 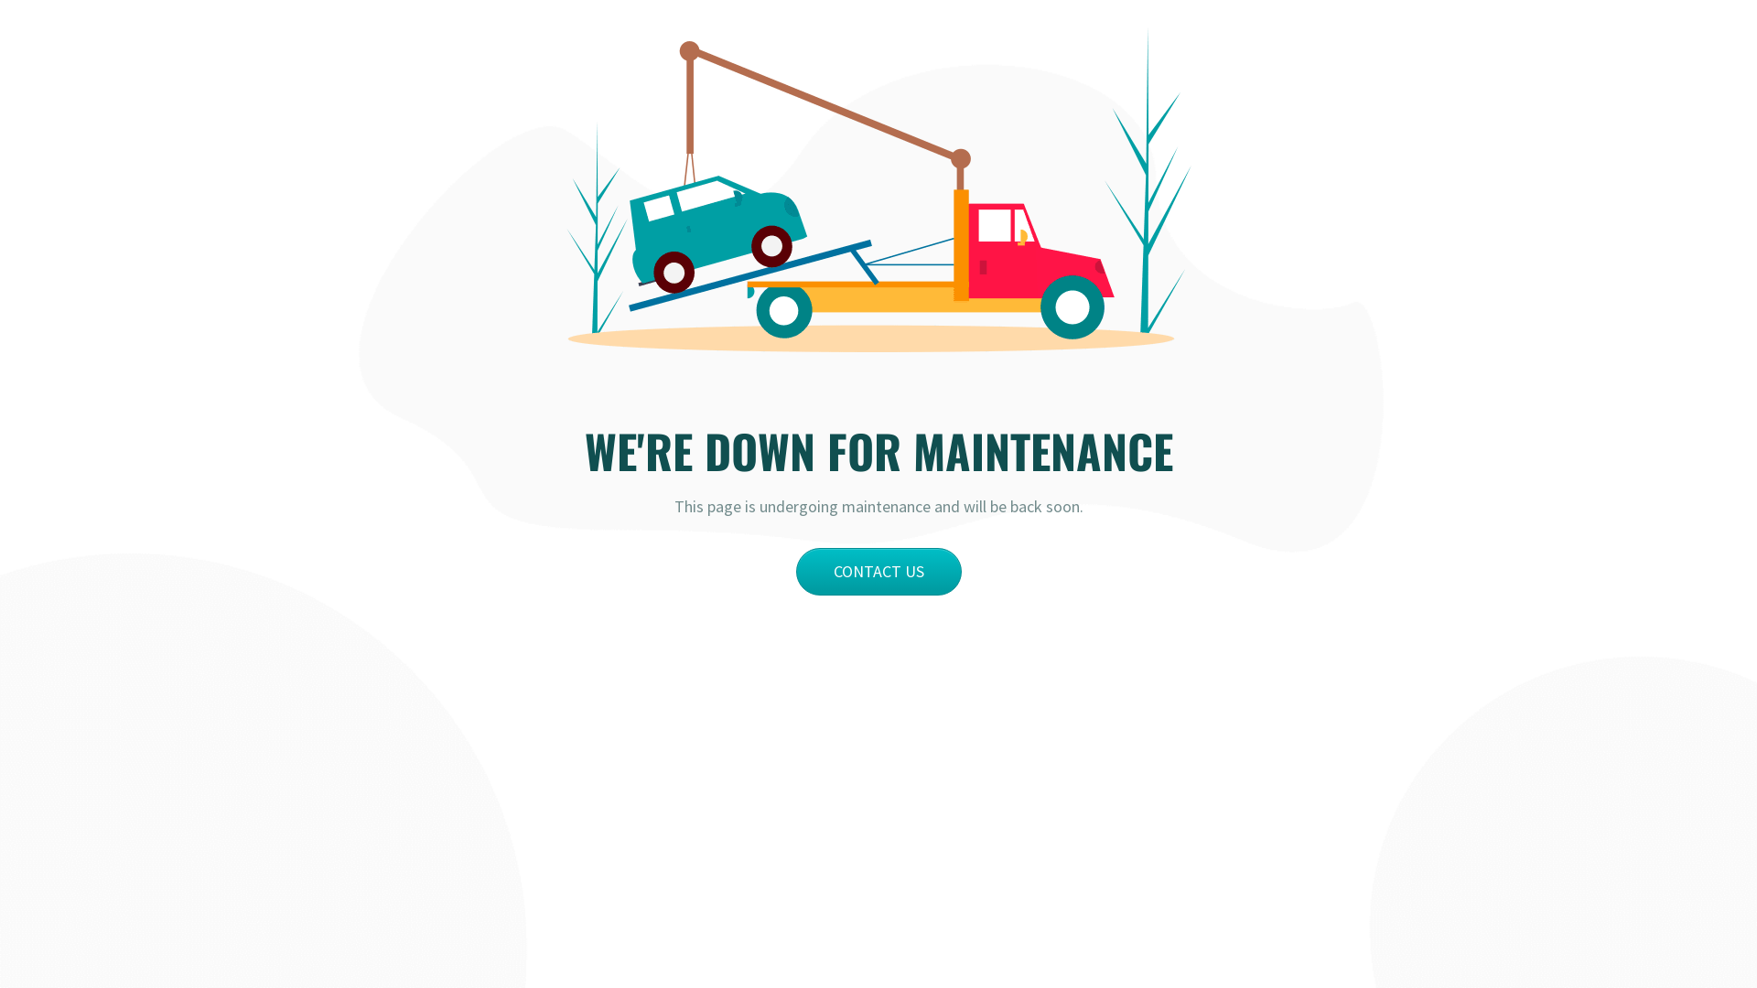 What do you see at coordinates (795, 570) in the screenshot?
I see `'CONTACT US'` at bounding box center [795, 570].